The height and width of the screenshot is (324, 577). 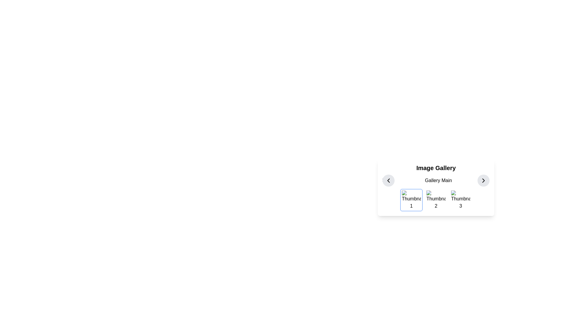 What do you see at coordinates (483, 180) in the screenshot?
I see `the right-pointing chevron SVG icon in the upper right corner of the gallery component` at bounding box center [483, 180].